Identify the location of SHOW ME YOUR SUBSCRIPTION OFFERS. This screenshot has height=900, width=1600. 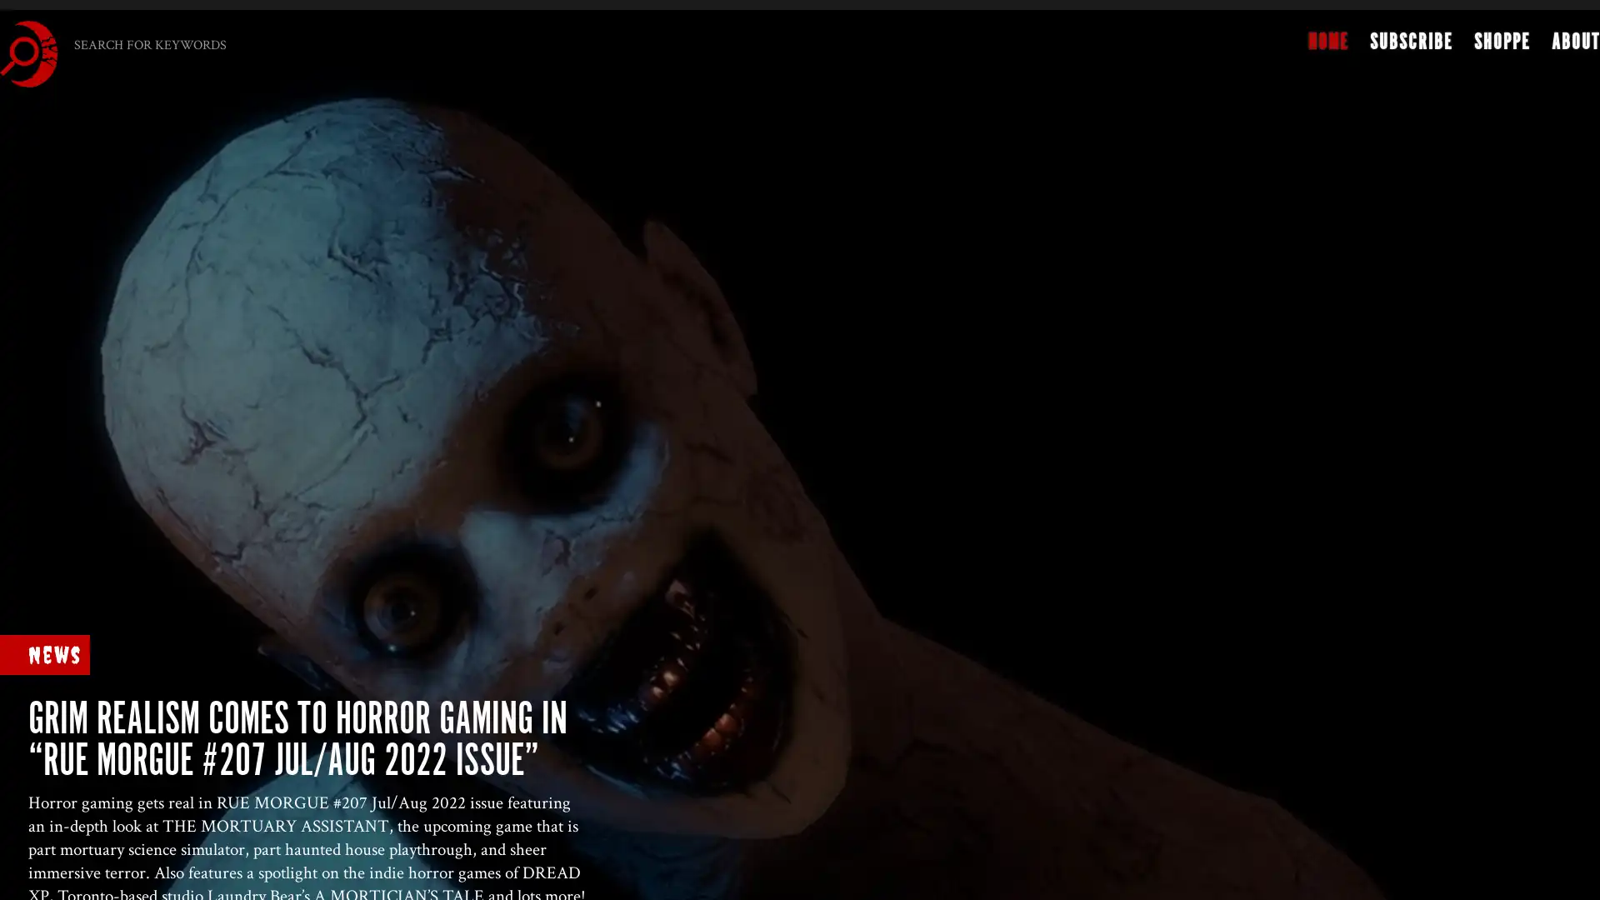
(701, 402).